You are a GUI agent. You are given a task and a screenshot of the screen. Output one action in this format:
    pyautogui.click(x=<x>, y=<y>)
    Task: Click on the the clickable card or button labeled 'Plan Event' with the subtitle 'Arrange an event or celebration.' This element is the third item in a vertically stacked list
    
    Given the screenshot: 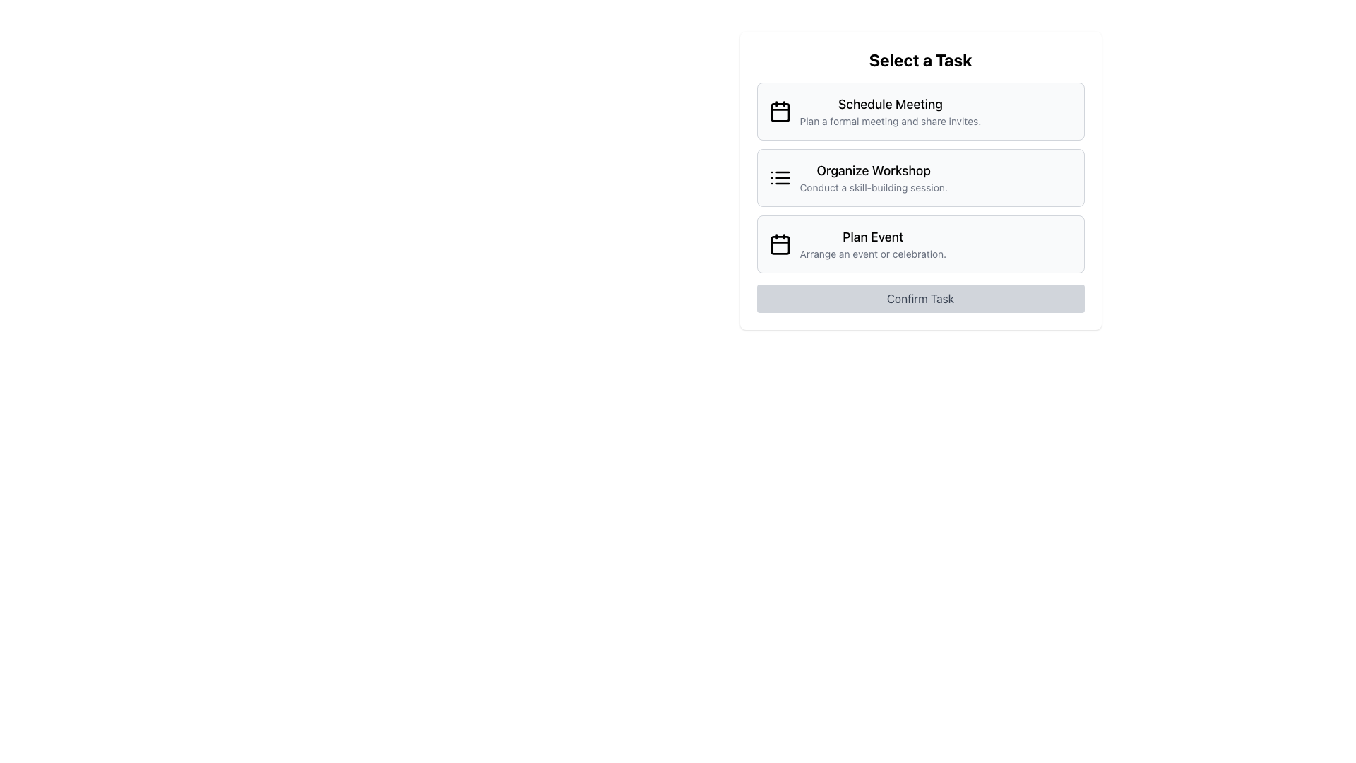 What is the action you would take?
    pyautogui.click(x=872, y=244)
    